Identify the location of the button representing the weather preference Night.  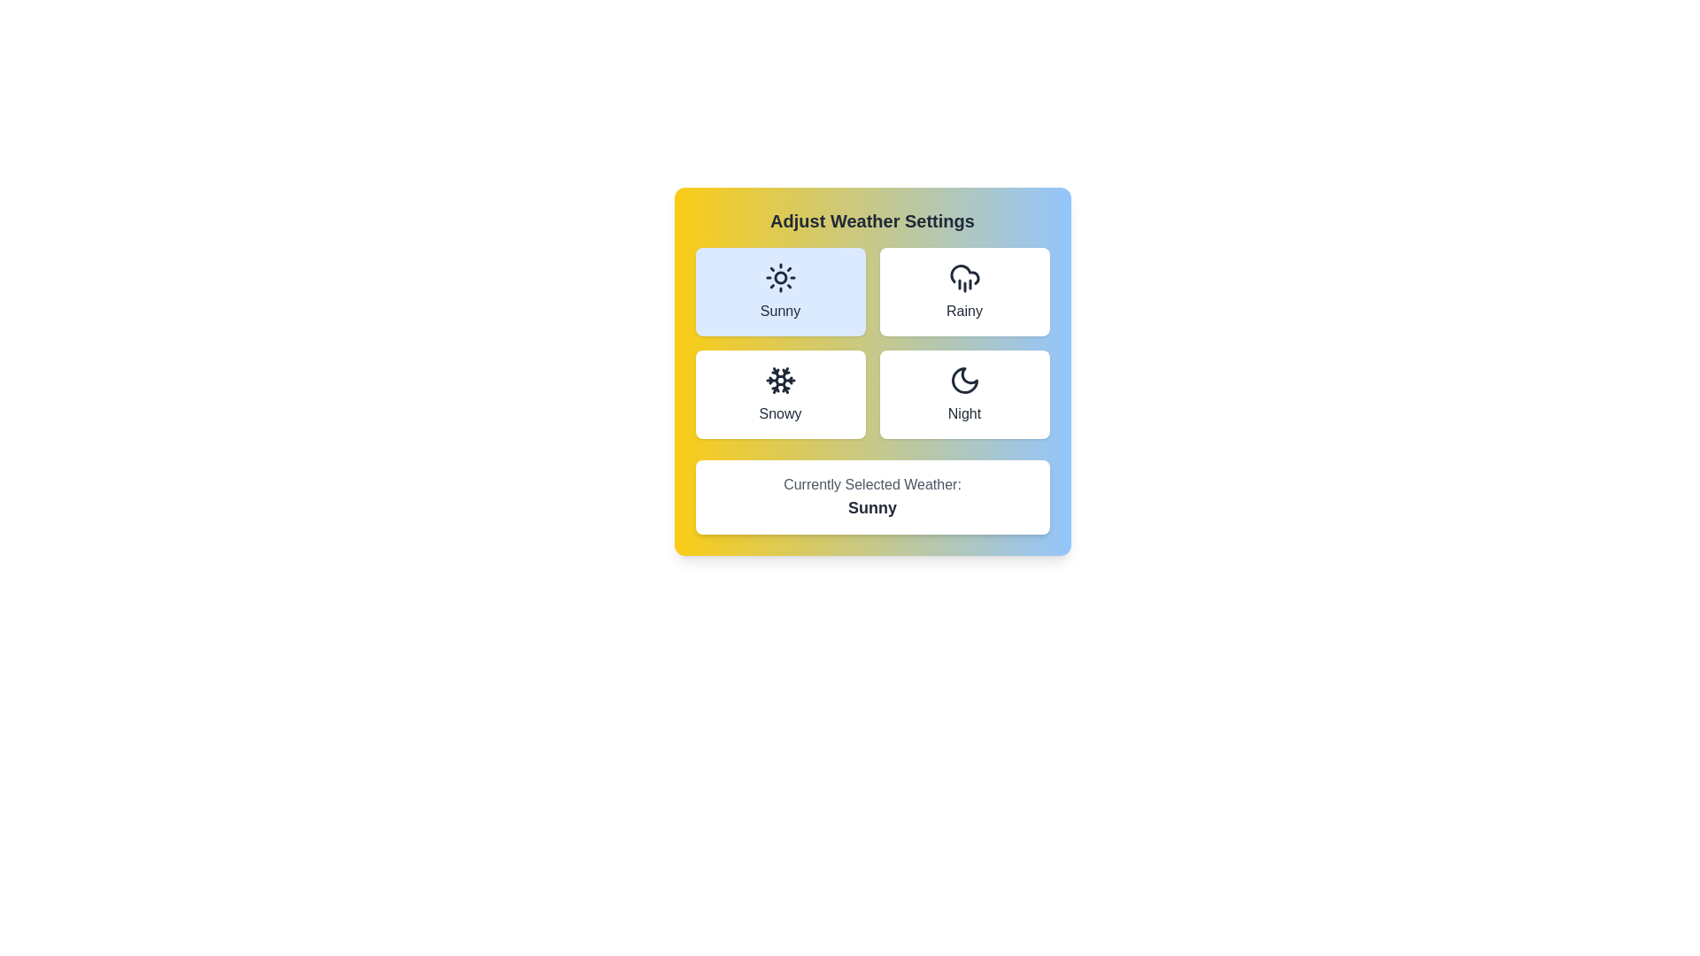
(963, 394).